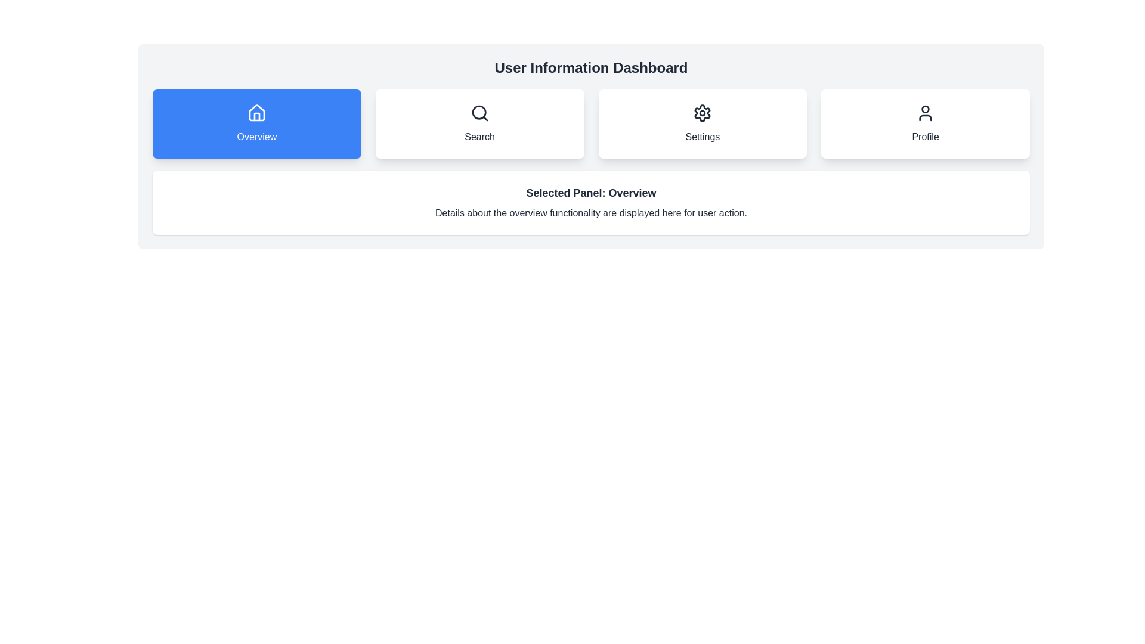 Image resolution: width=1145 pixels, height=644 pixels. What do you see at coordinates (256, 113) in the screenshot?
I see `the 'Overview' button which contains the overview icon, located in the row of four primary navigation buttons at the top of the interface` at bounding box center [256, 113].